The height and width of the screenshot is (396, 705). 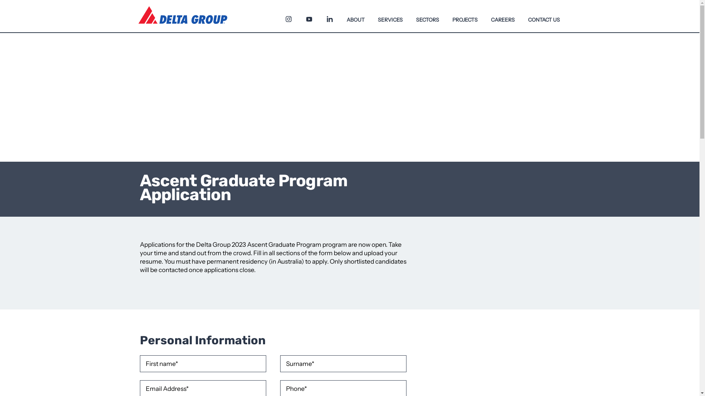 I want to click on 'PROJECTS', so click(x=464, y=16).